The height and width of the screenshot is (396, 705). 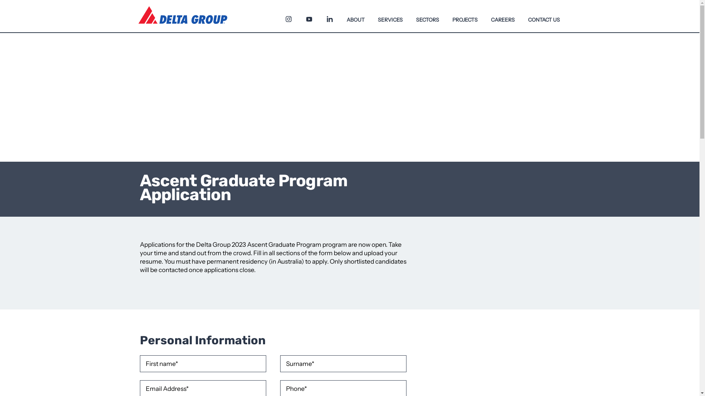 I want to click on 'PROJECTS', so click(x=464, y=16).